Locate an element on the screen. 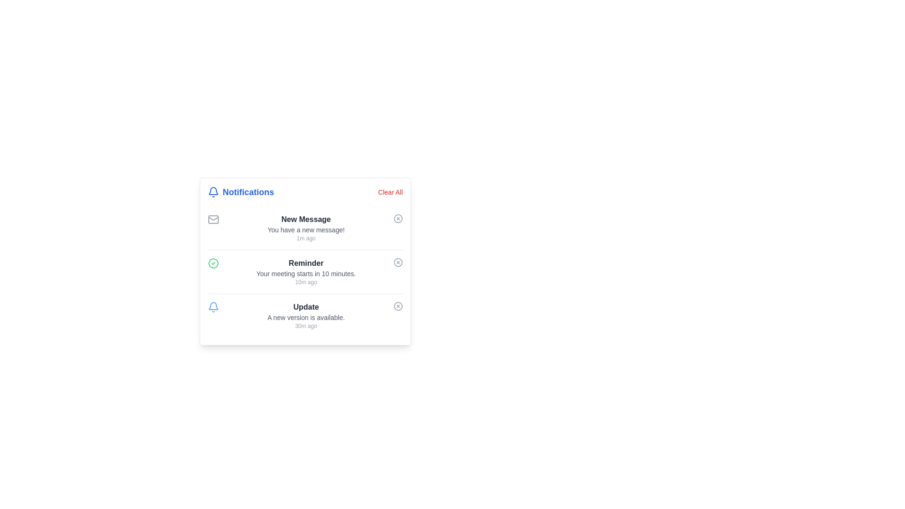 The width and height of the screenshot is (905, 509). the decorative graphical circle, which signifies an aspect of the notification and is part of the icon located on the right side of the 'Reminder' notification row is located at coordinates (398, 262).